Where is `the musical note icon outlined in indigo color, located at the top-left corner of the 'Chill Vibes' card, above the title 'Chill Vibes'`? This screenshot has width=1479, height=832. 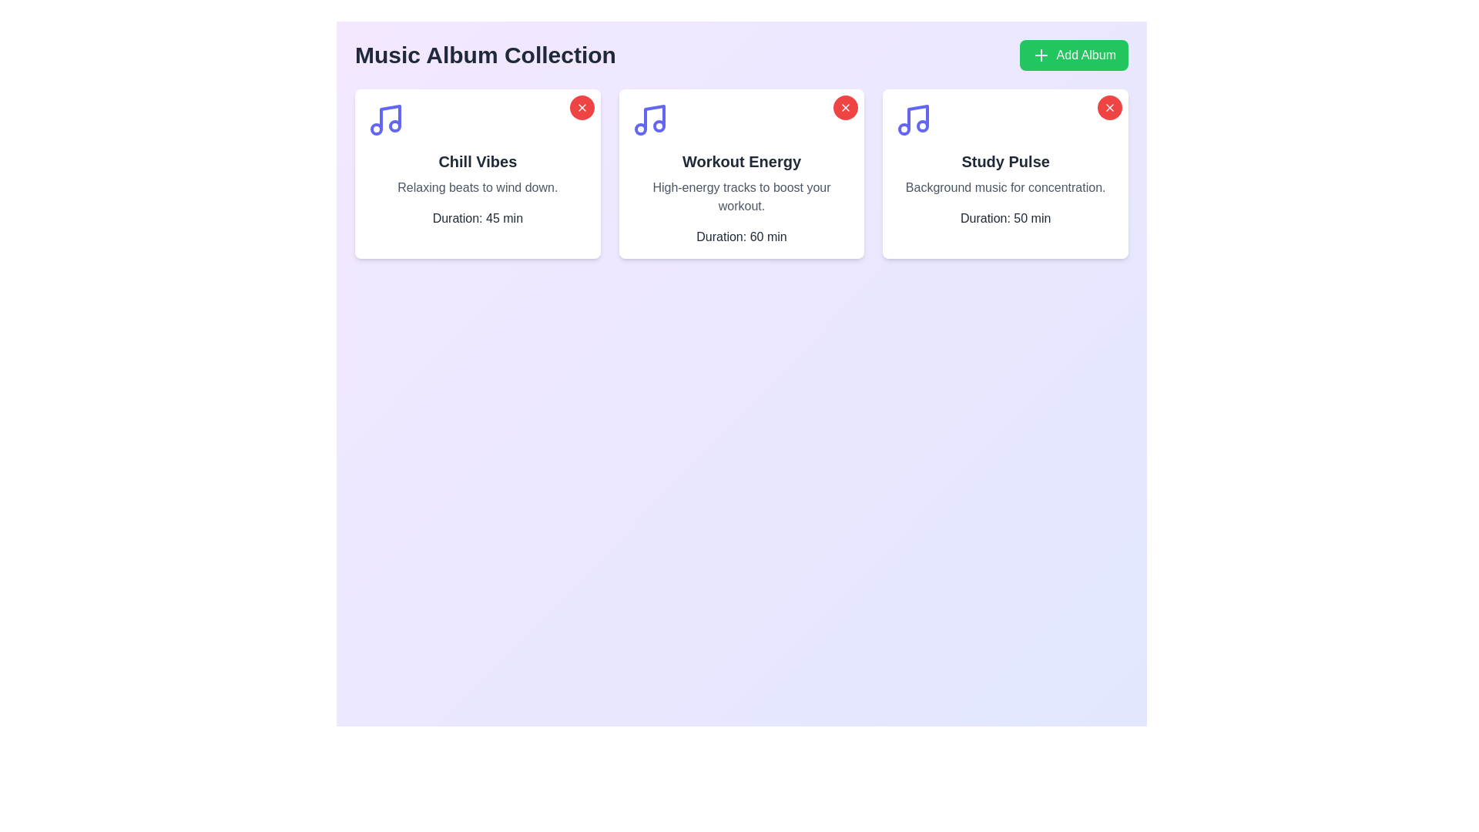 the musical note icon outlined in indigo color, located at the top-left corner of the 'Chill Vibes' card, above the title 'Chill Vibes' is located at coordinates (385, 119).